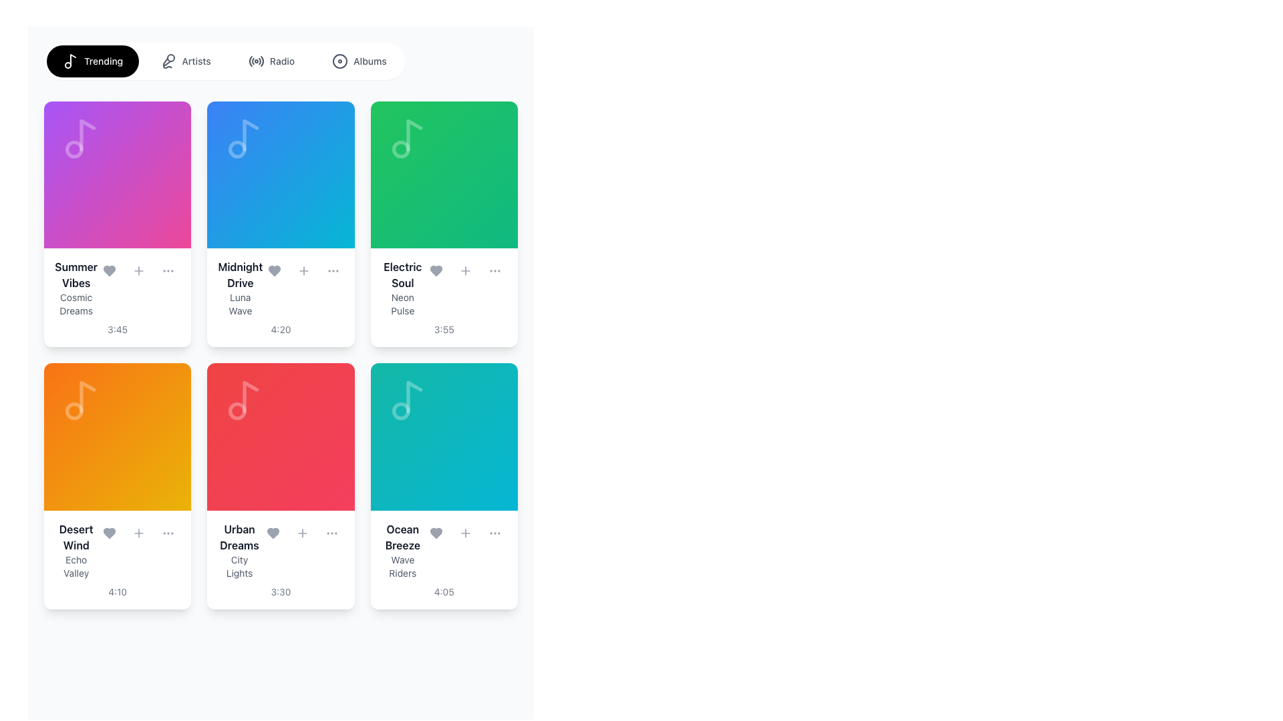 The image size is (1283, 721). What do you see at coordinates (168, 270) in the screenshot?
I see `the ellipsis menu icon button located in the top right section of the first card in the second row of the grid layout` at bounding box center [168, 270].